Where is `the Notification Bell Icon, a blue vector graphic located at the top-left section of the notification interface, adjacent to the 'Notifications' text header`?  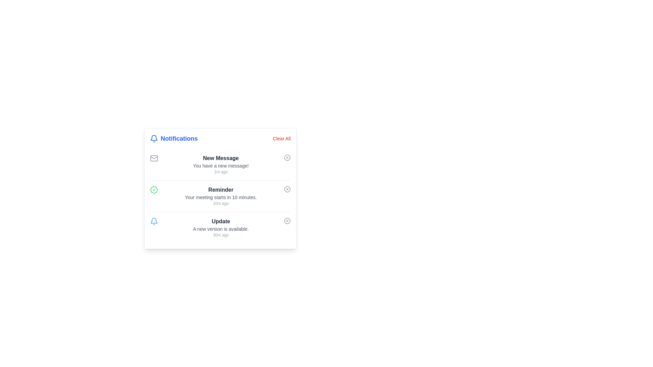
the Notification Bell Icon, a blue vector graphic located at the top-left section of the notification interface, adjacent to the 'Notifications' text header is located at coordinates (153, 221).